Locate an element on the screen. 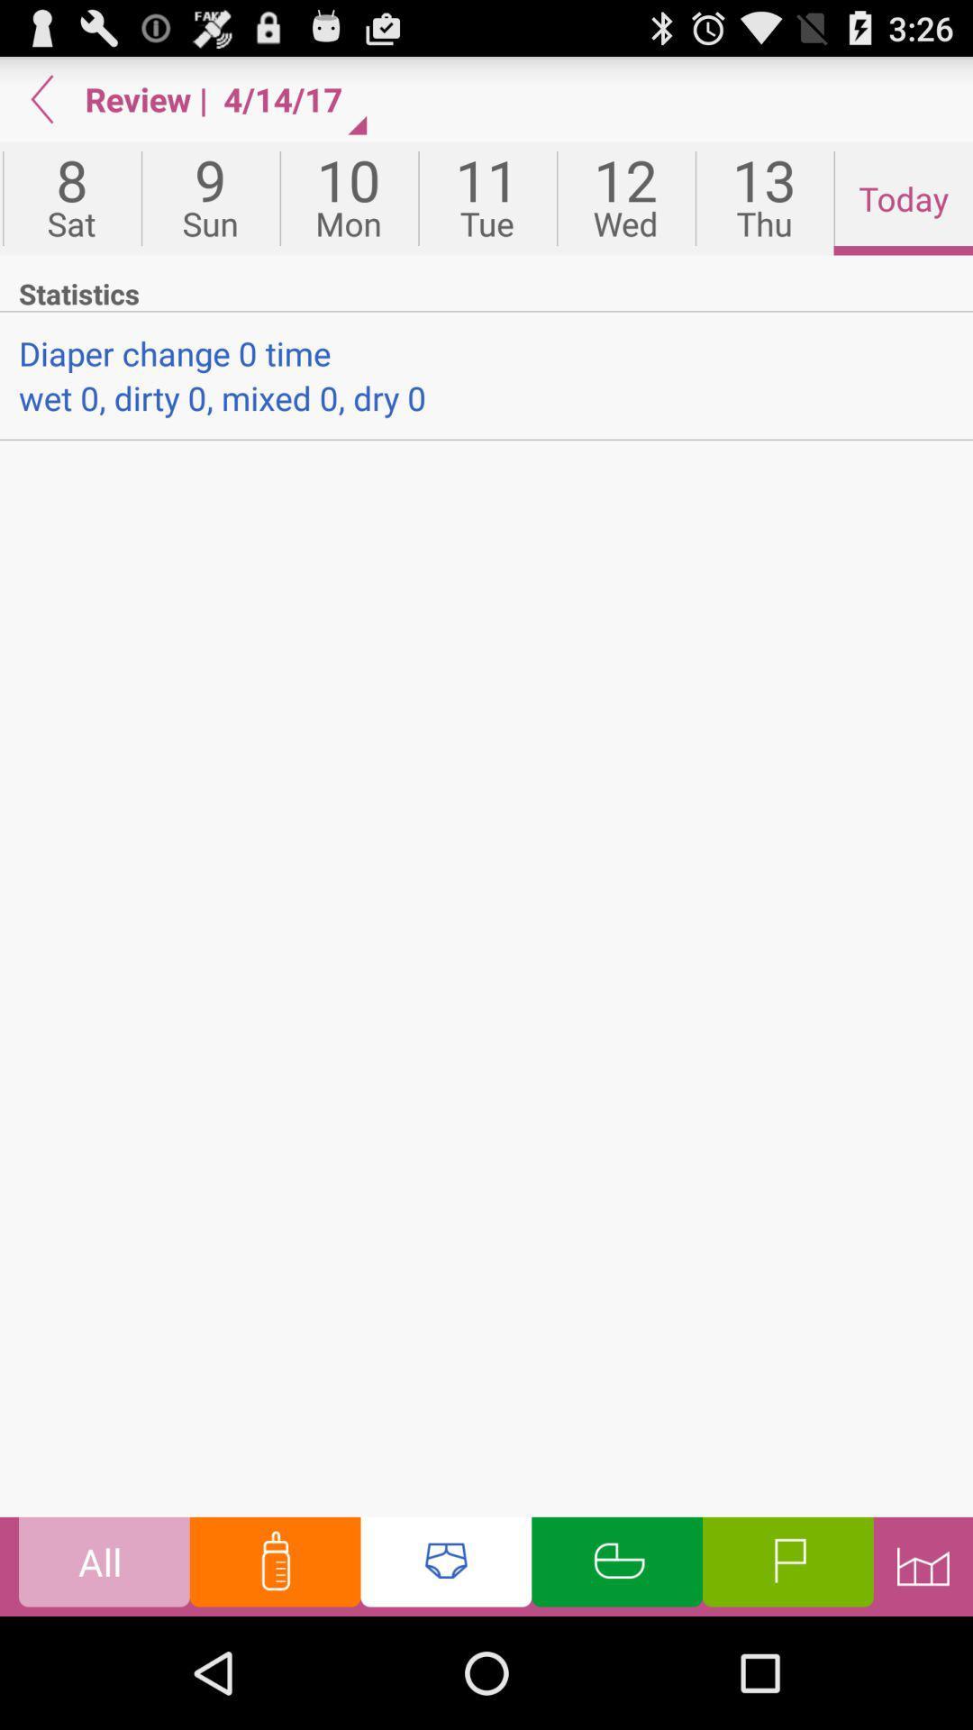 The image size is (973, 1730). the icon next to 10 is located at coordinates (209, 198).